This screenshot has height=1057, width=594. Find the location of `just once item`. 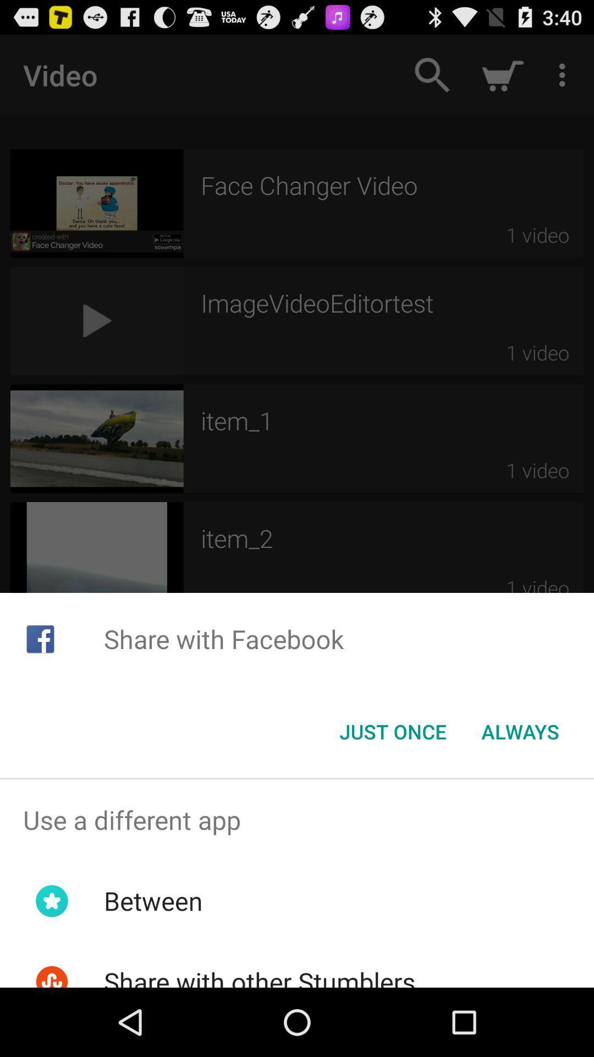

just once item is located at coordinates (392, 732).